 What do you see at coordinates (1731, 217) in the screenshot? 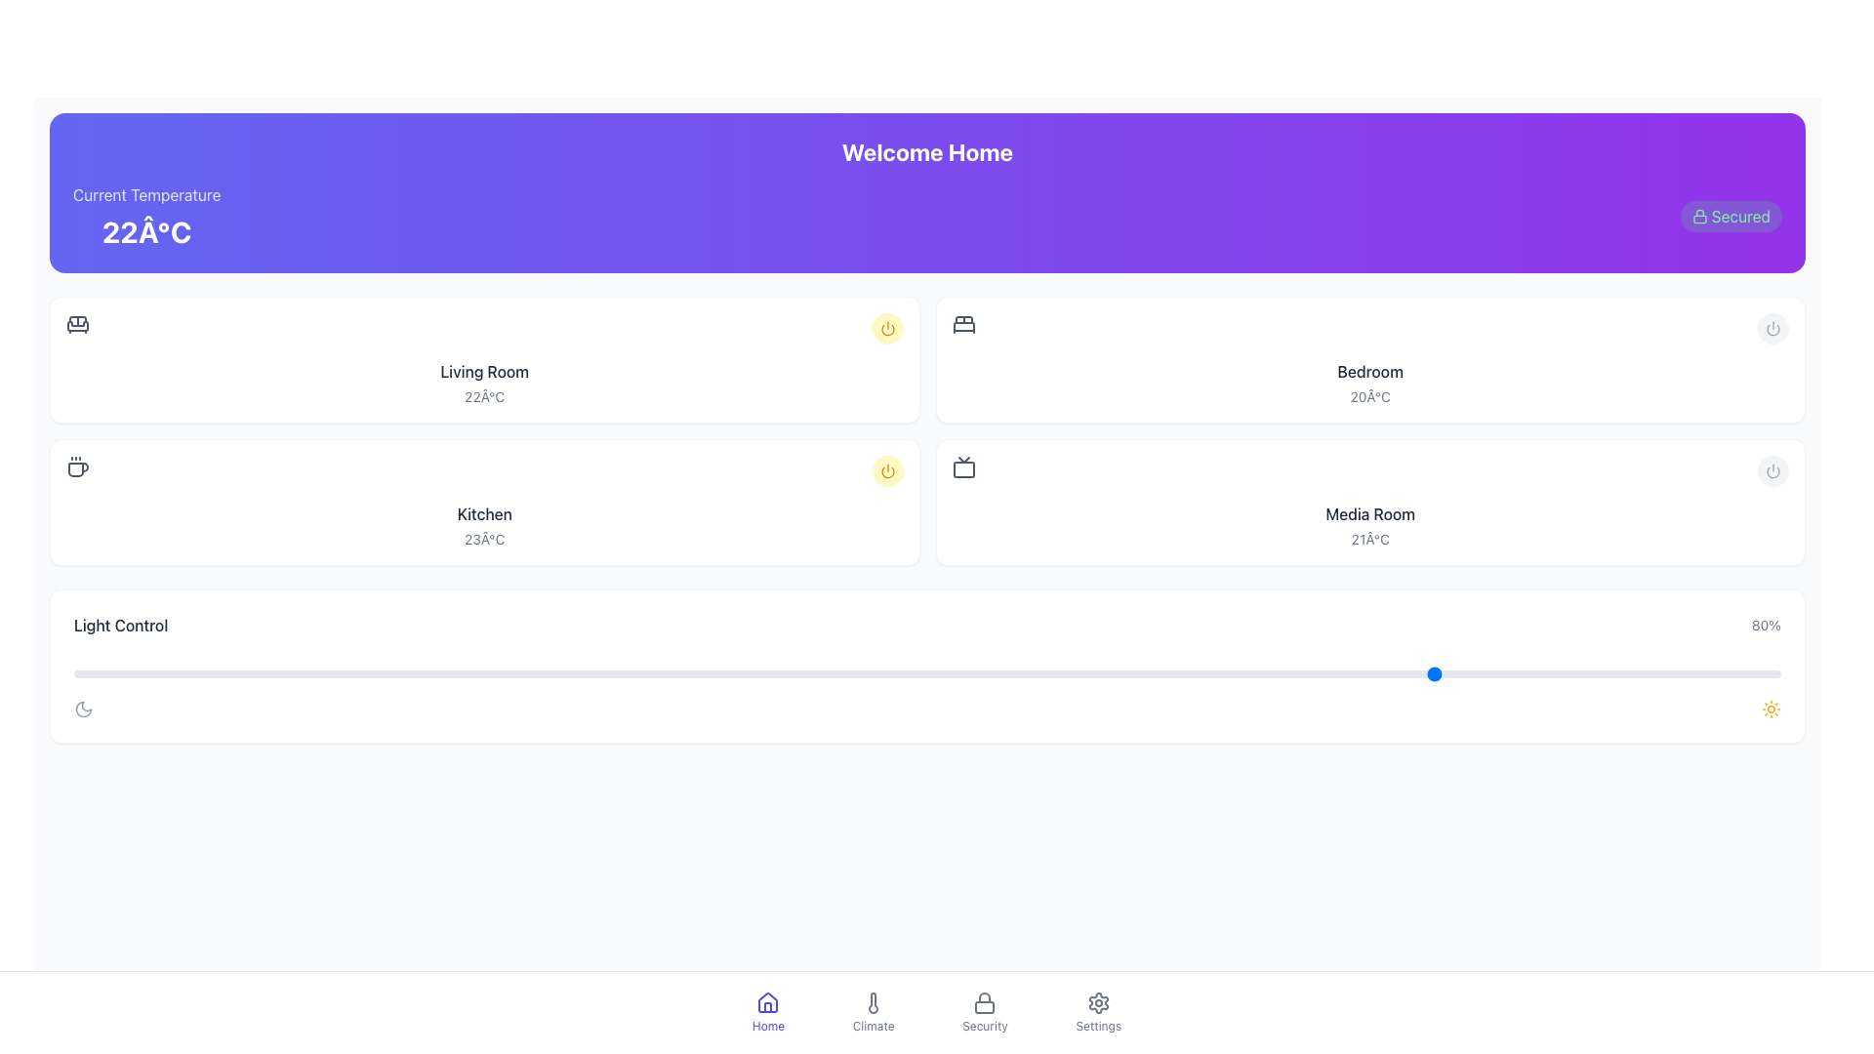
I see `the status indicator badge with a green lock icon and the text 'Secured', located in the top-right corner of the purple gradient header` at bounding box center [1731, 217].